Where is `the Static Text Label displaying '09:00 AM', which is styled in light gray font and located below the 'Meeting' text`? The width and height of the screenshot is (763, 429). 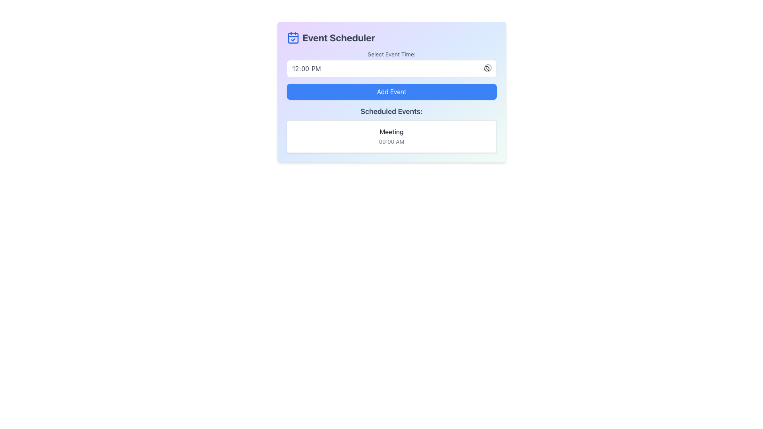 the Static Text Label displaying '09:00 AM', which is styled in light gray font and located below the 'Meeting' text is located at coordinates (391, 141).